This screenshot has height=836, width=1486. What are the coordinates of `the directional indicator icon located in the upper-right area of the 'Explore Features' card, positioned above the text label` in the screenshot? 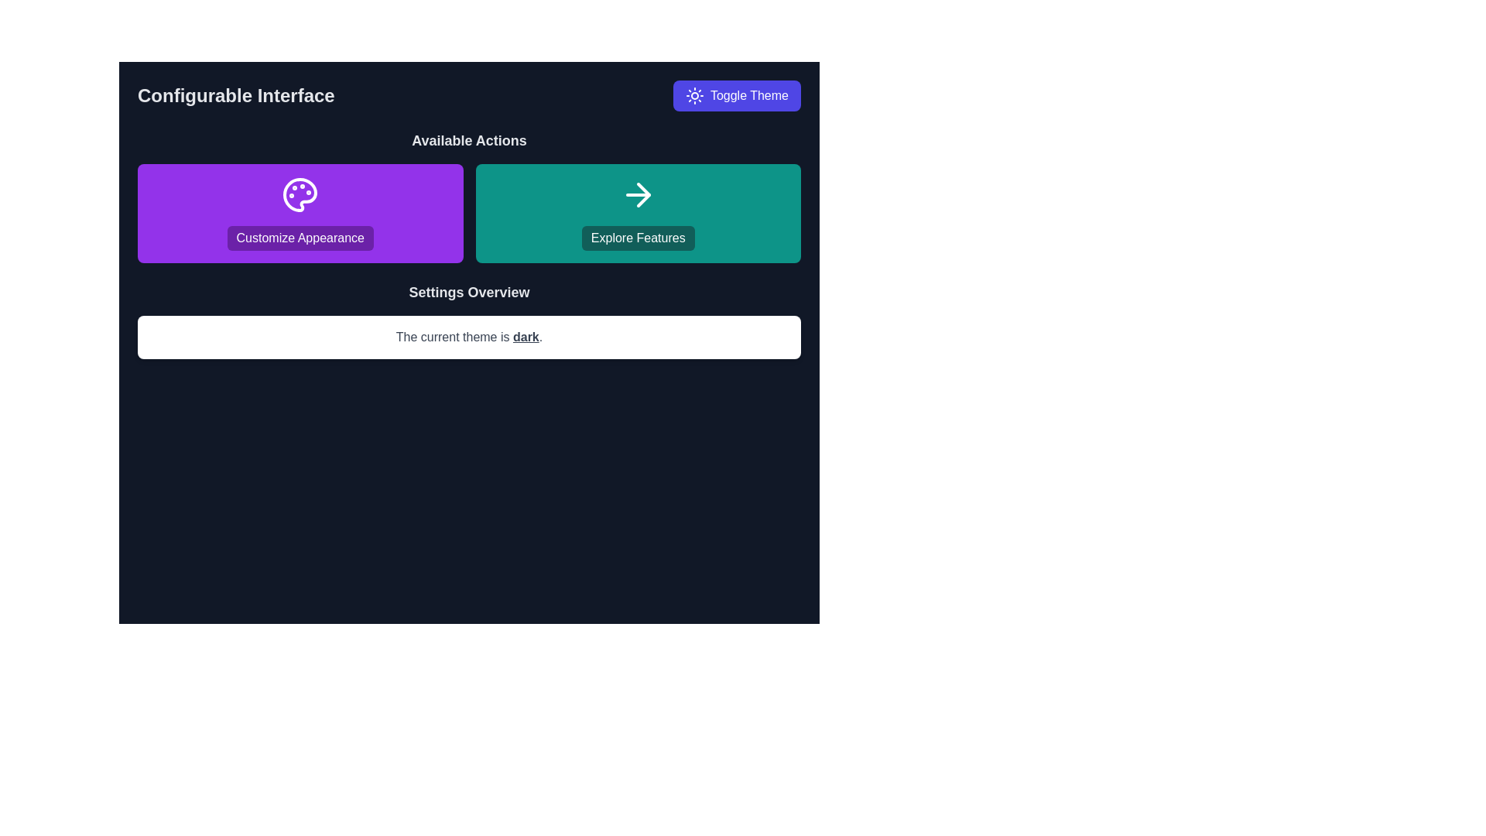 It's located at (638, 194).